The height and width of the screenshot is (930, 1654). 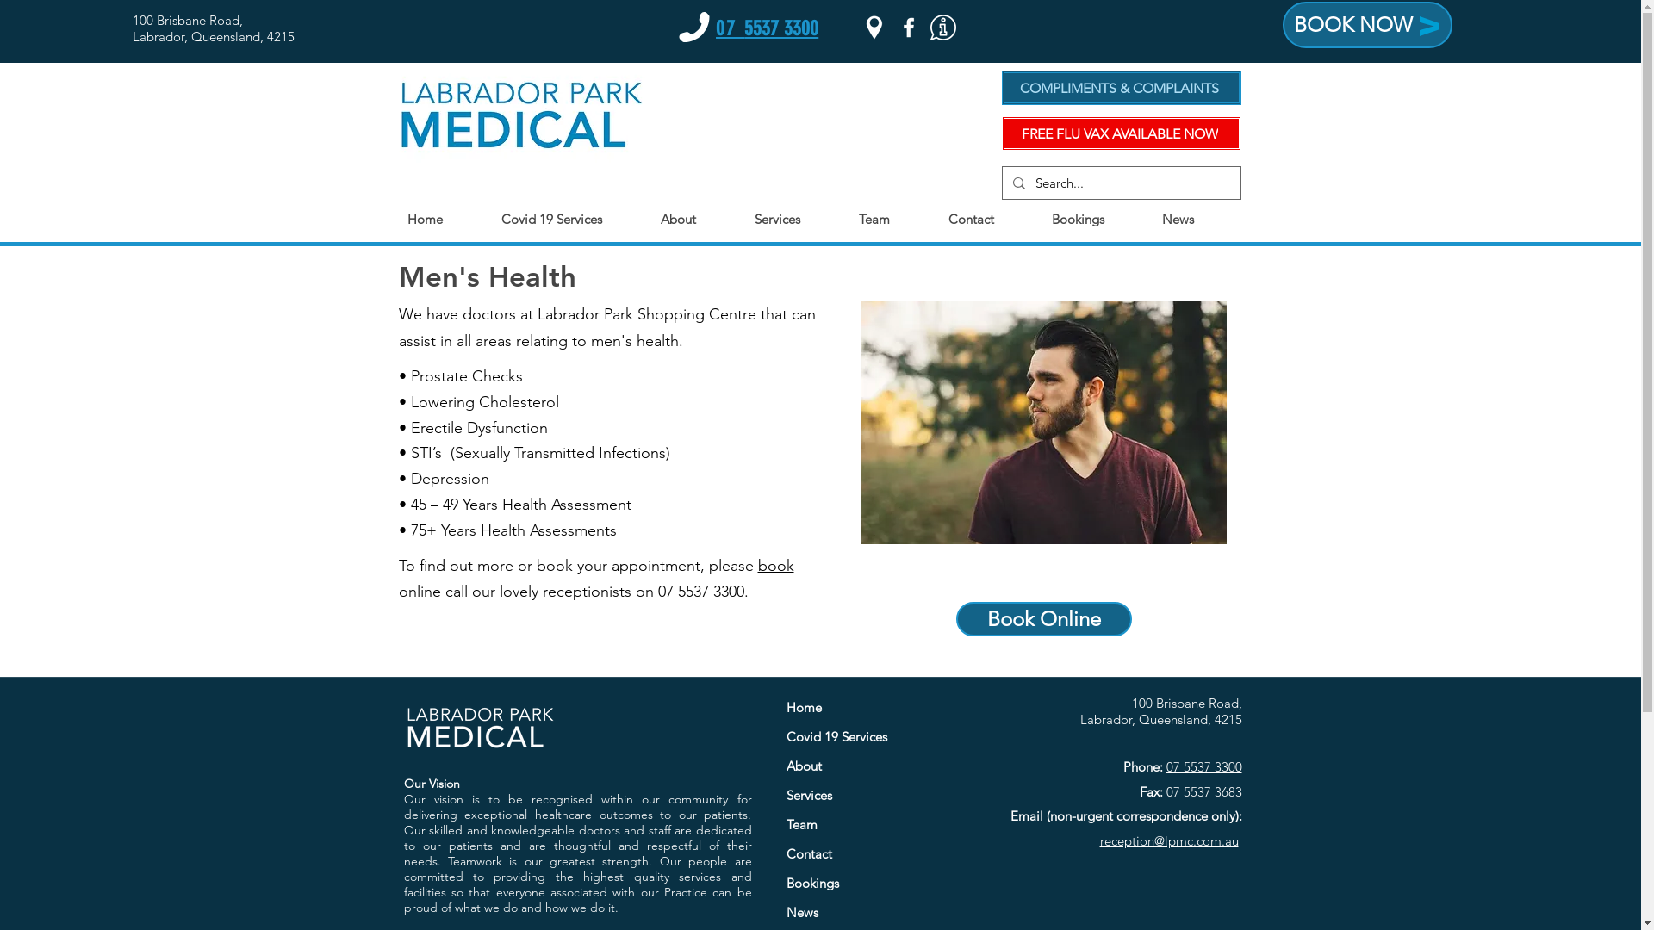 I want to click on 'BOOK NOW', so click(x=1366, y=25).